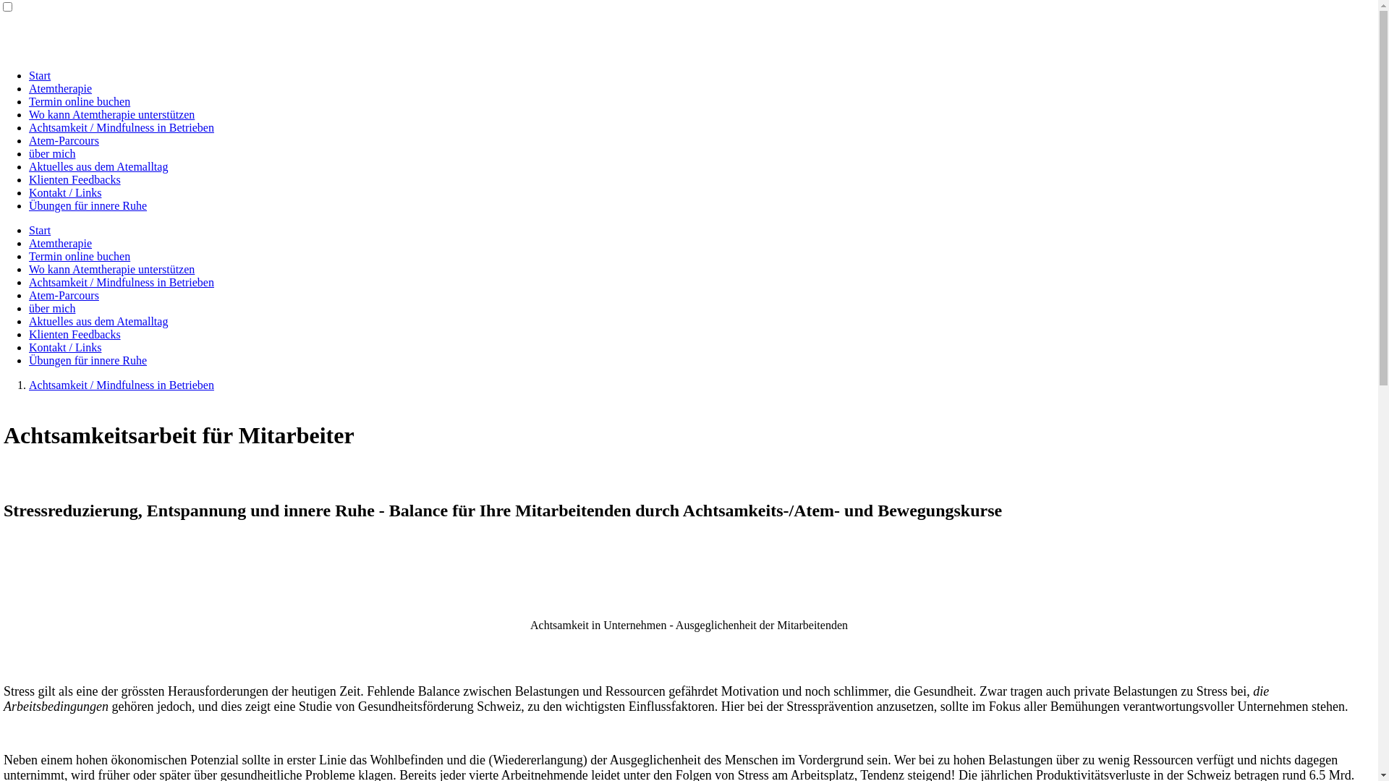 This screenshot has height=781, width=1389. Describe the element at coordinates (28, 294) in the screenshot. I see `'Atem-Parcours'` at that location.